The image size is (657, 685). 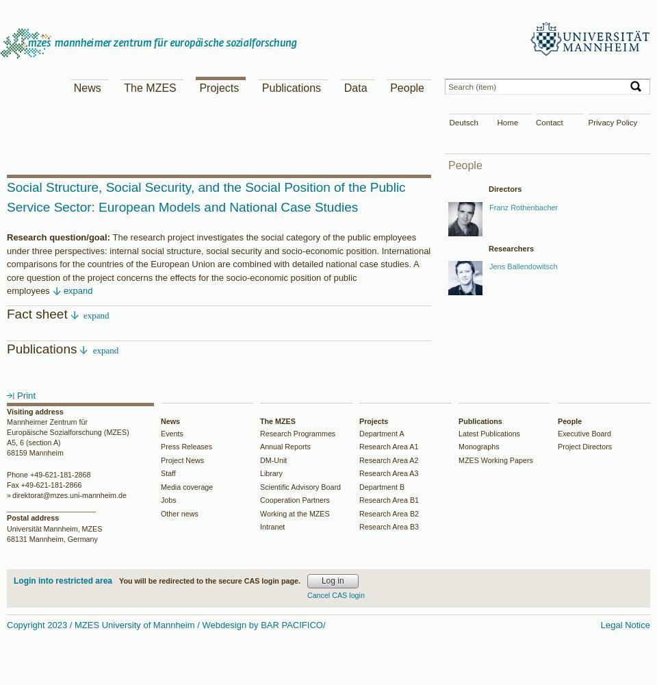 What do you see at coordinates (165, 624) in the screenshot?
I see `'Copyright 2023 / MZES University of Mannheim / Webdesign by BAR PACIFICO/'` at bounding box center [165, 624].